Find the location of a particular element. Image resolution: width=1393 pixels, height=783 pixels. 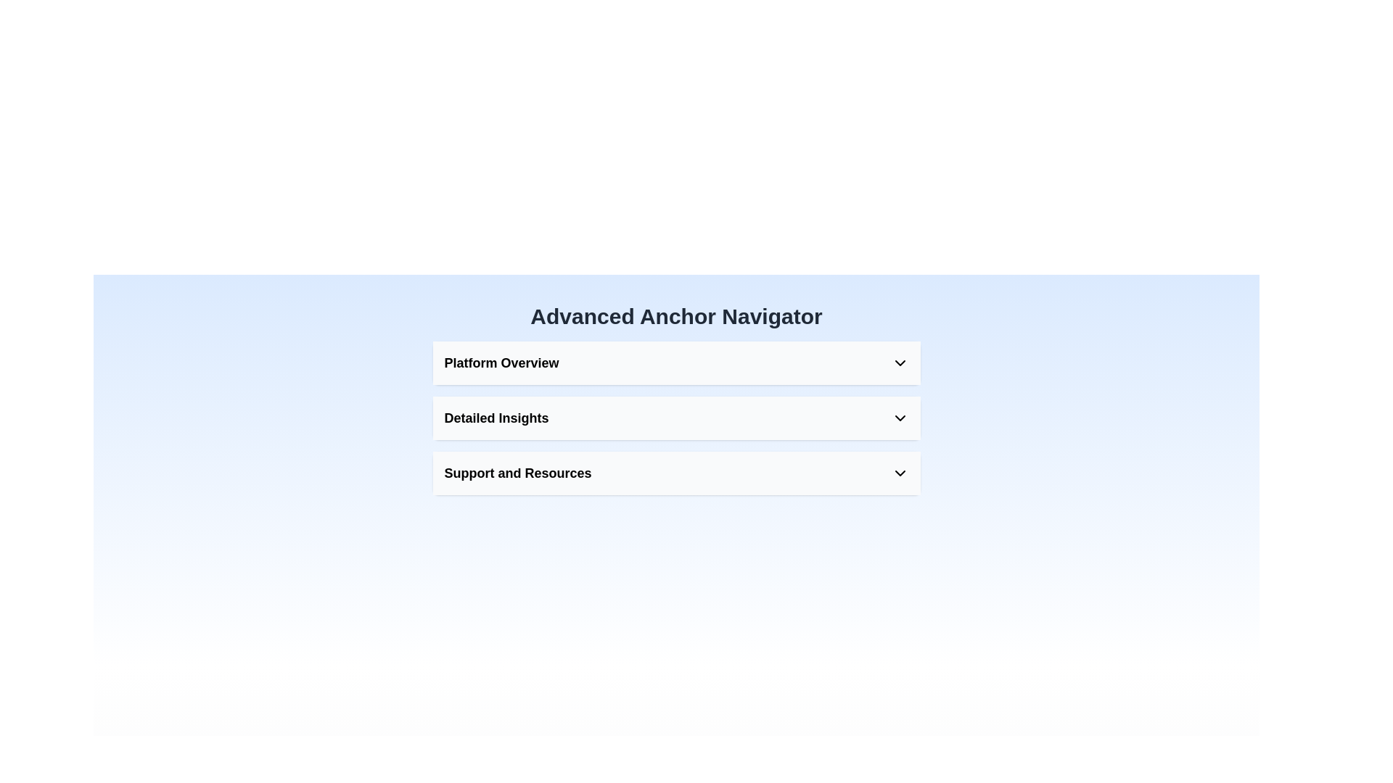

text content of the header labeled 'Advanced Anchor Navigator', which is styled in bold and centered above the sections 'Platform Overview', 'Detailed Insights', and 'Support and Resources' is located at coordinates (675, 315).